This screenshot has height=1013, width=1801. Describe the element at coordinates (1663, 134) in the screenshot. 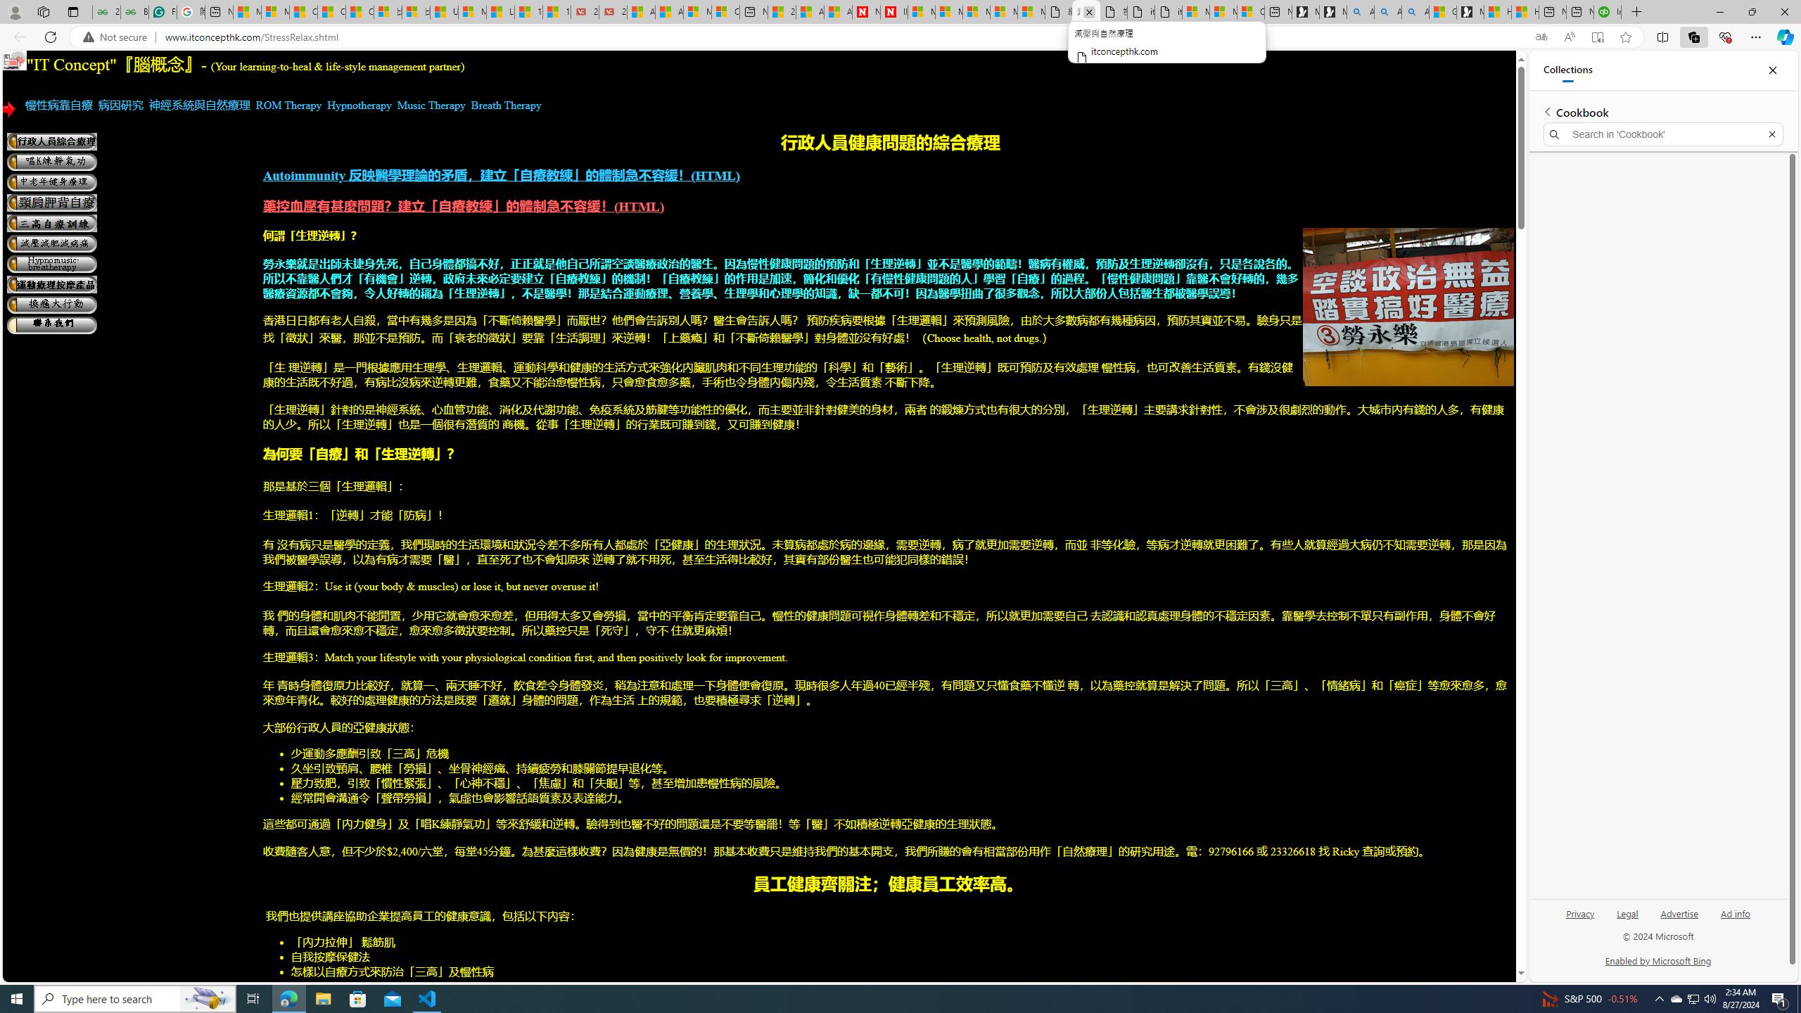

I see `'Search in '` at that location.